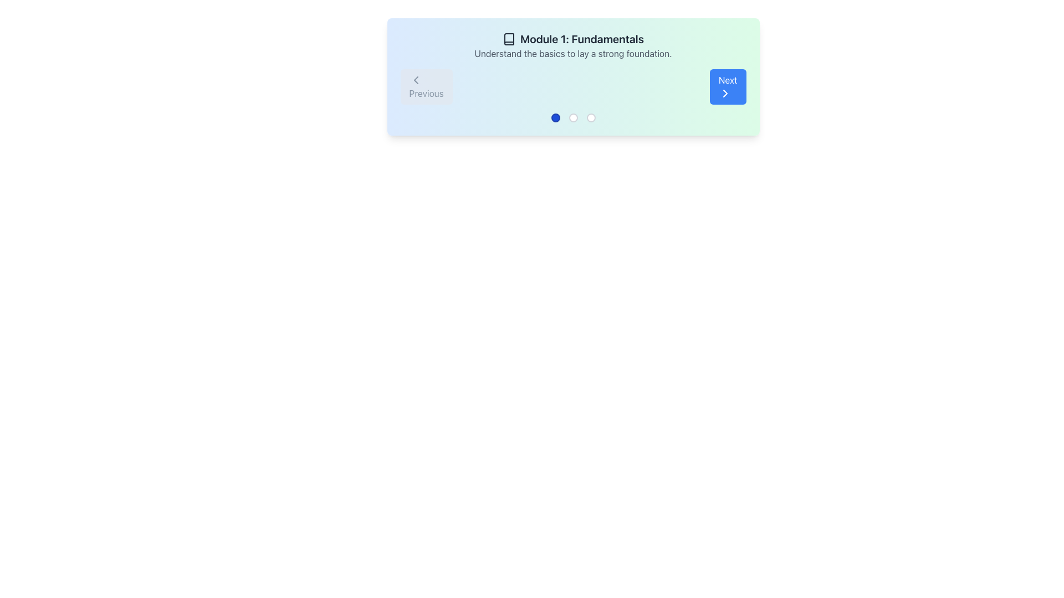  What do you see at coordinates (508, 38) in the screenshot?
I see `the small minimalist book icon located to the immediate left of the text 'Module 1: Fundamentals' in the top-center region of the interface` at bounding box center [508, 38].